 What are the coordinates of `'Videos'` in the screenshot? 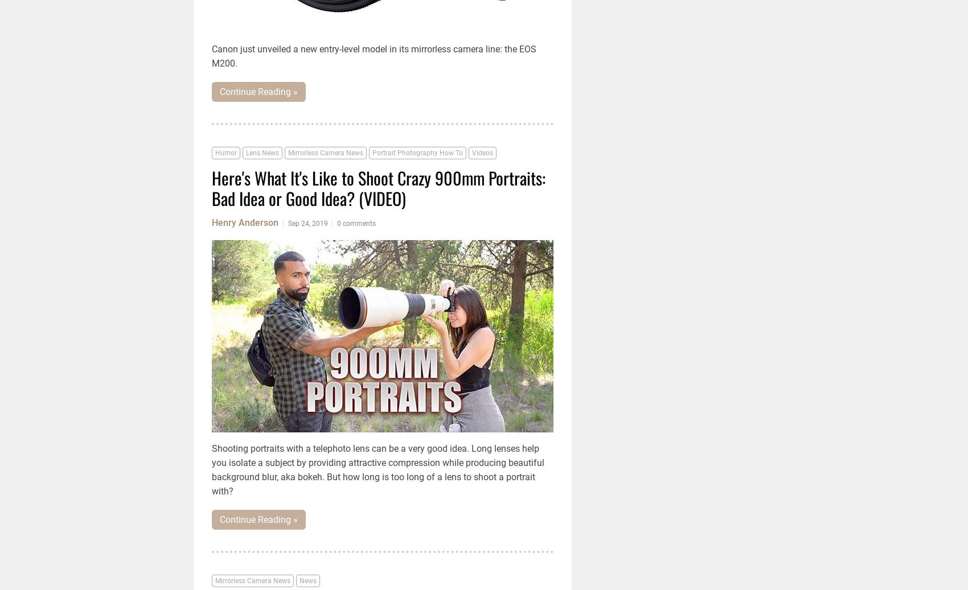 It's located at (471, 152).